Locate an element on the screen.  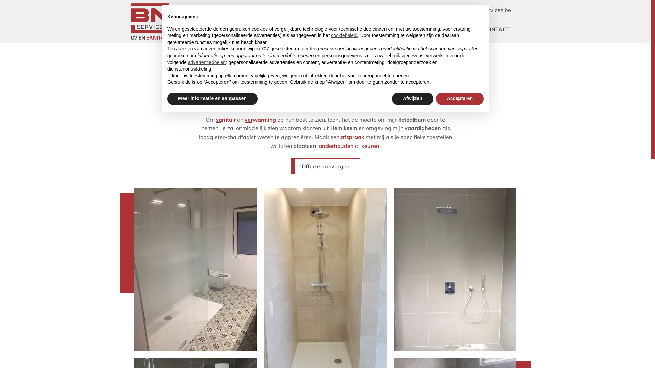
'onderhouden of keuren' is located at coordinates (349, 145).